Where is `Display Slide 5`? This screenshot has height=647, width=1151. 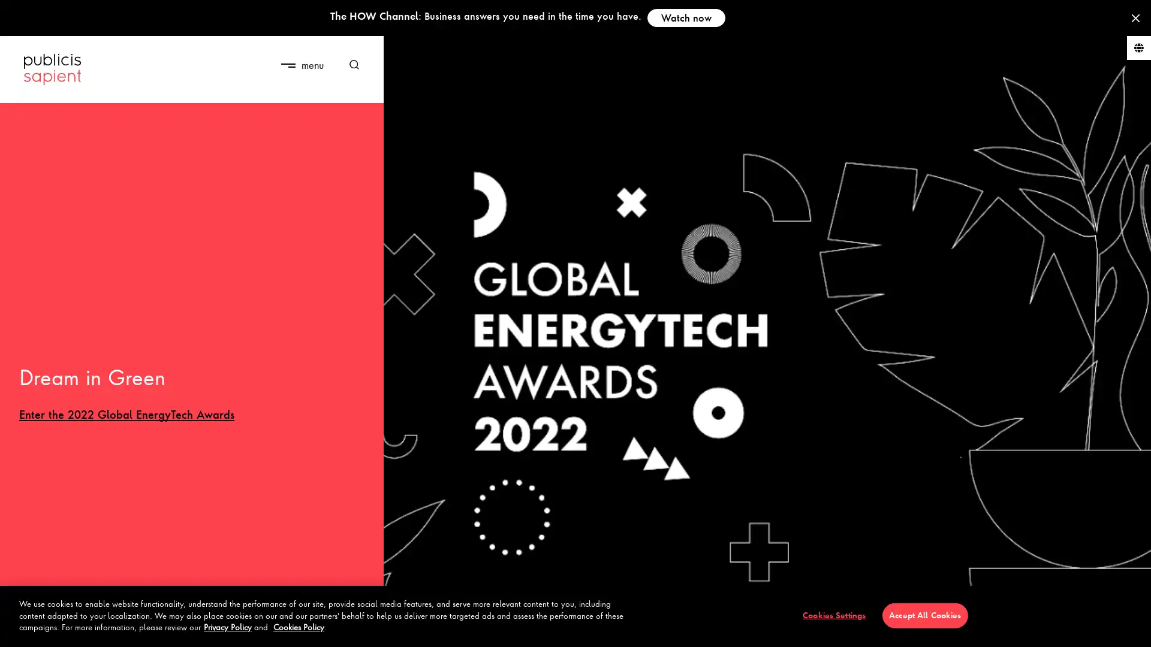
Display Slide 5 is located at coordinates (106, 630).